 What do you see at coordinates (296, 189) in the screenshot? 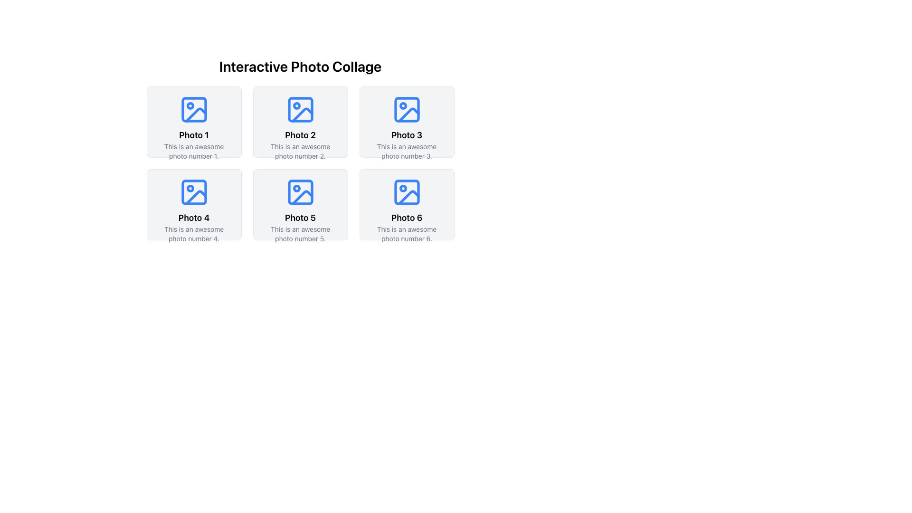
I see `the graphical marker located in the fifth photo section labeled 'Photo 5' in the second row of the 2x3 grid layout, which signifies a specific point of interest` at bounding box center [296, 189].